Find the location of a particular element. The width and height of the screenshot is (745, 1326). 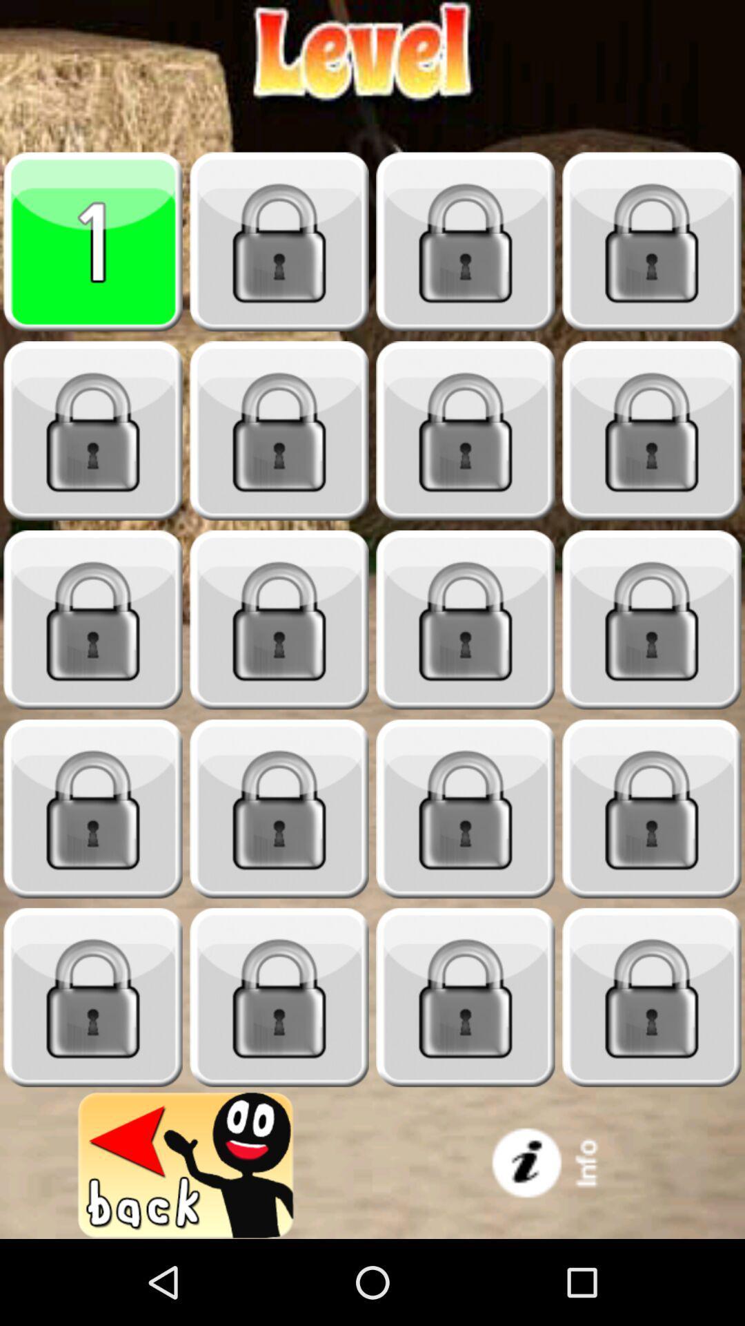

level of game is located at coordinates (93, 430).